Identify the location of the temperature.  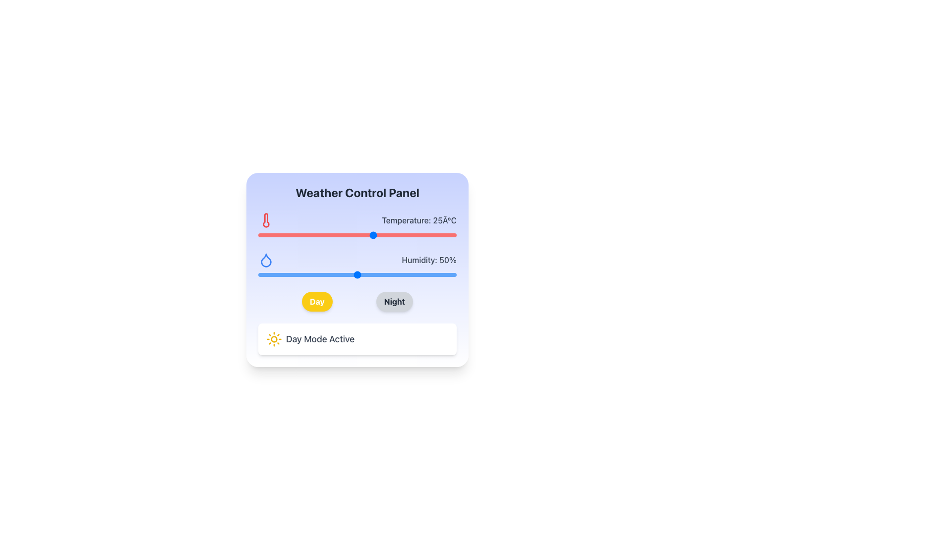
(310, 235).